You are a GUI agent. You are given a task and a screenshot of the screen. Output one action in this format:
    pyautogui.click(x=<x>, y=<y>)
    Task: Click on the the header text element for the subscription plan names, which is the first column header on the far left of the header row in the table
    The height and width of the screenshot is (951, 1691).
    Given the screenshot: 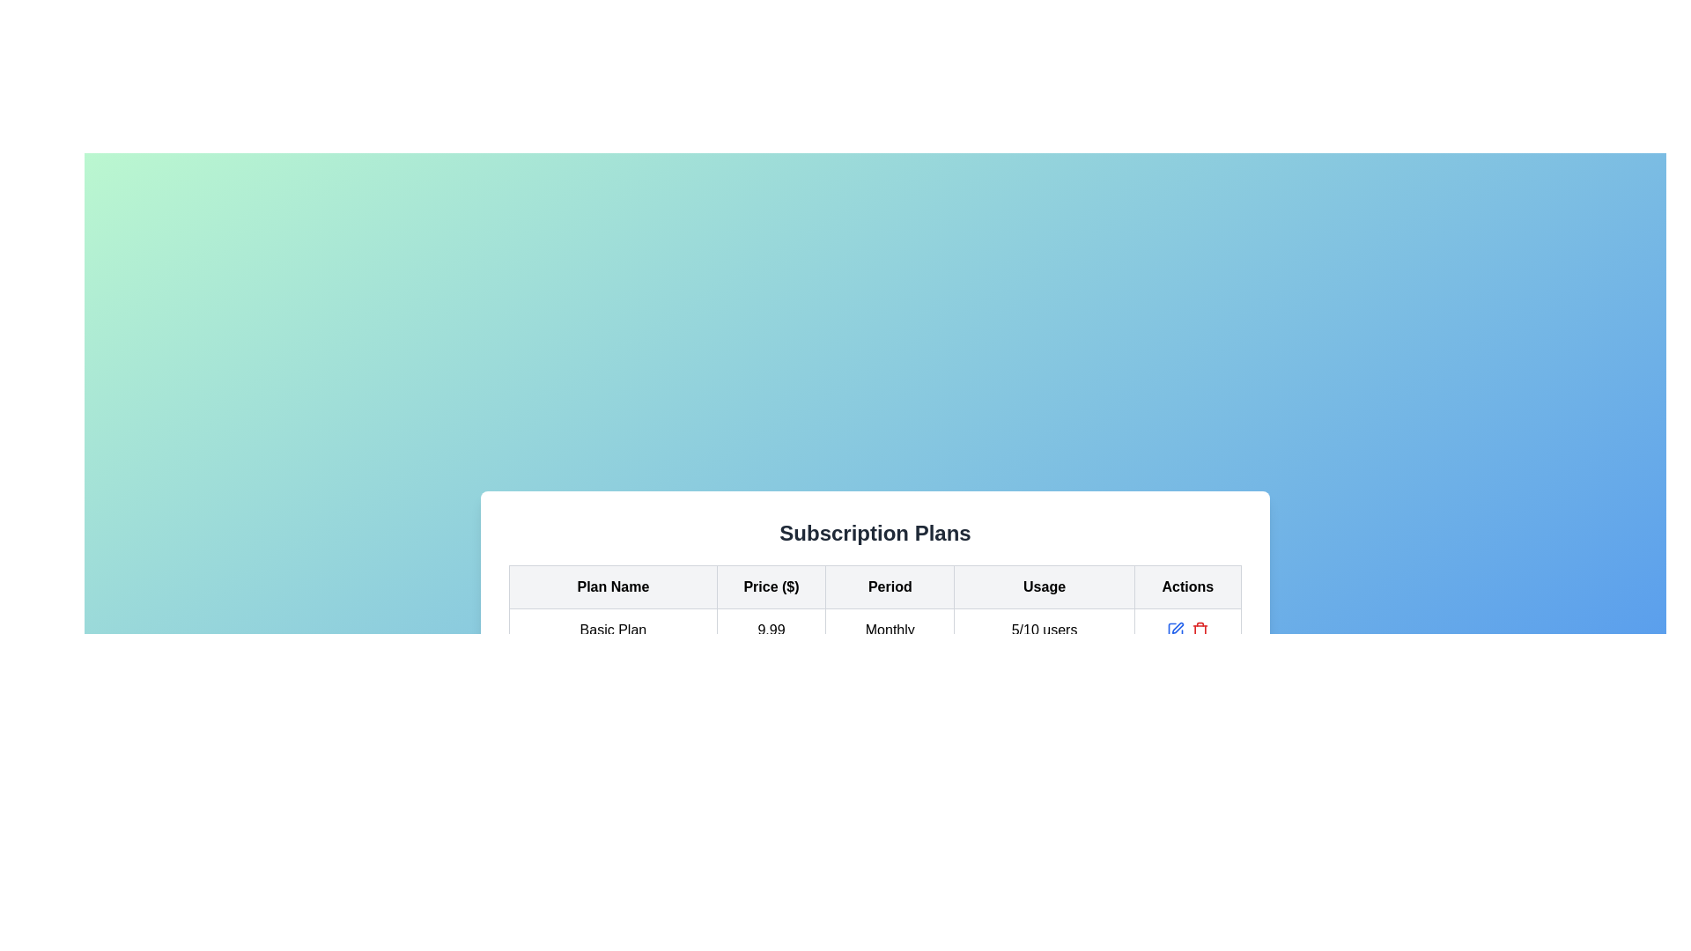 What is the action you would take?
    pyautogui.click(x=613, y=586)
    